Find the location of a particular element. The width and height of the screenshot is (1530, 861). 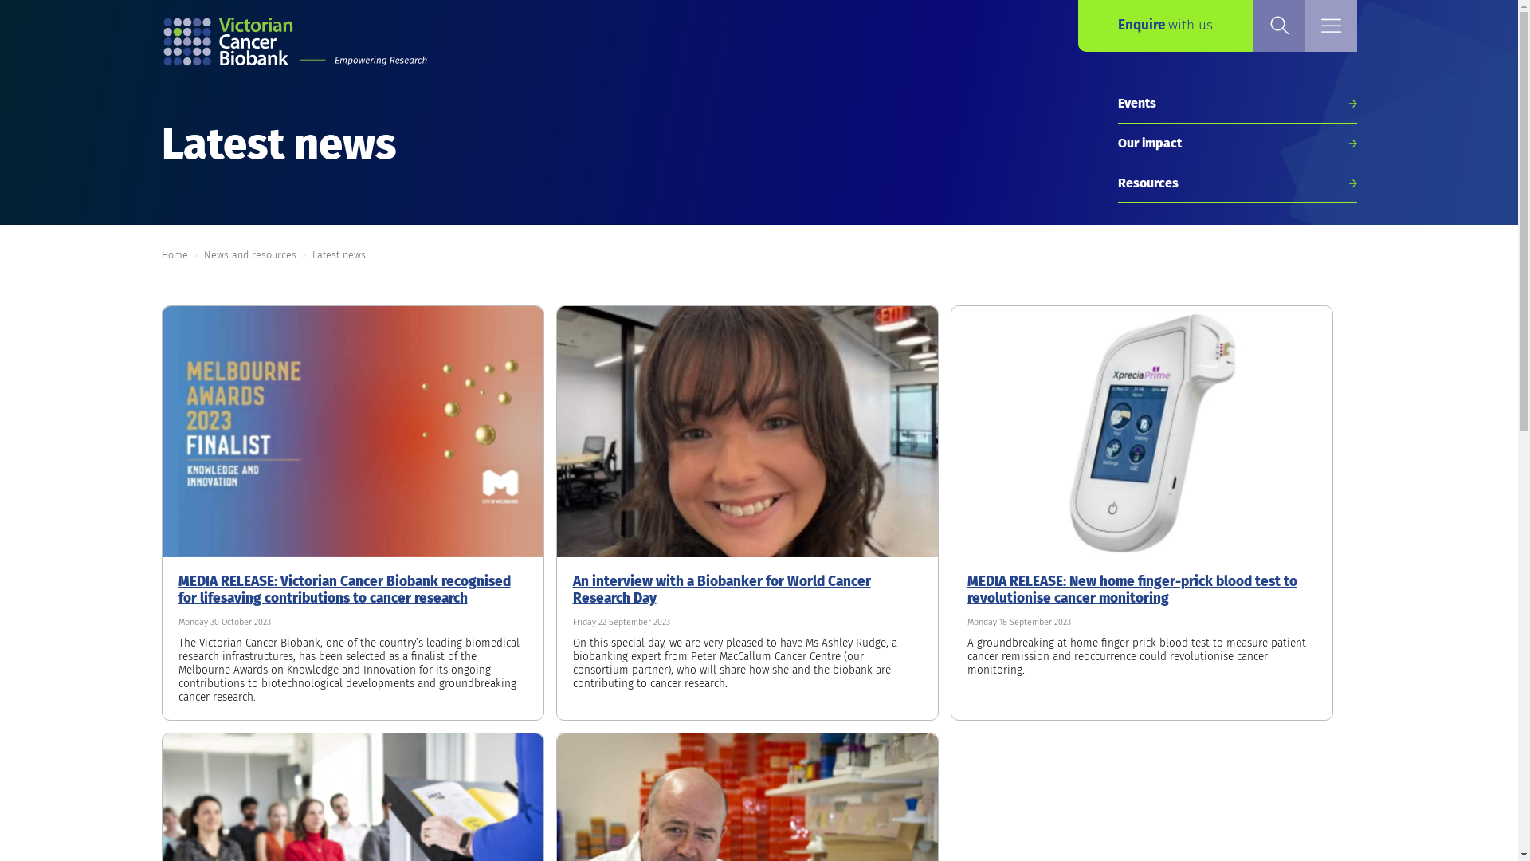

'Resources' is located at coordinates (1235, 182).